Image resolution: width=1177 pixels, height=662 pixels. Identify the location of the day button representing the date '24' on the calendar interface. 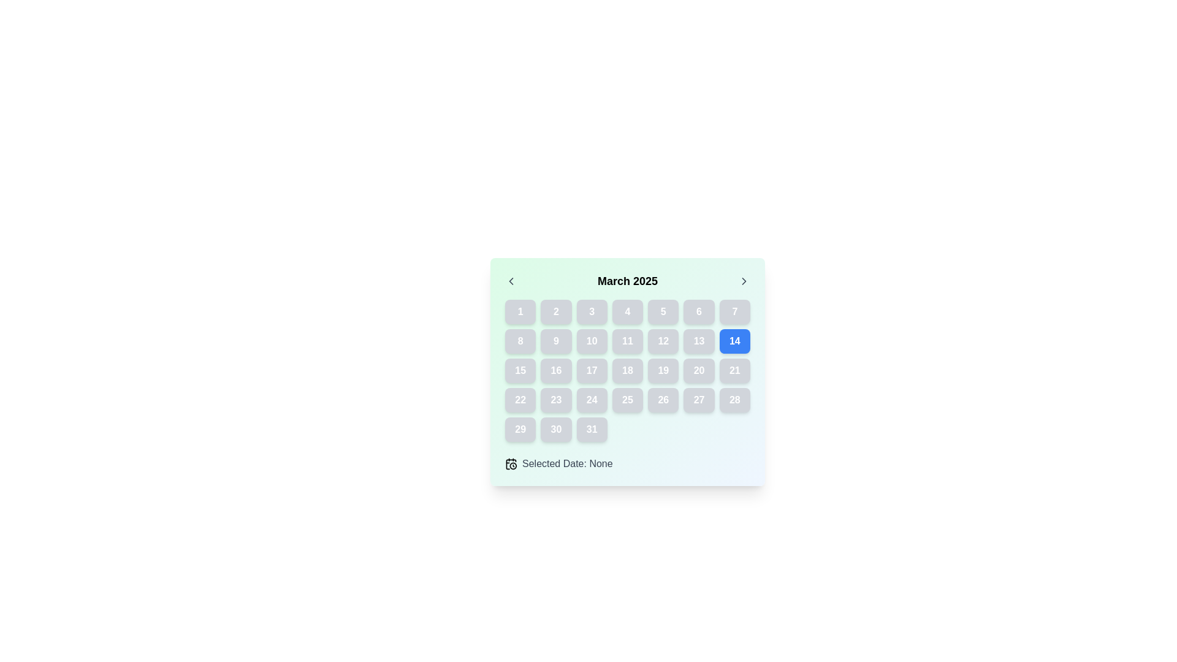
(592, 400).